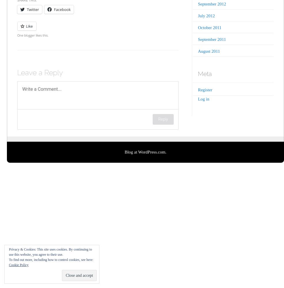 This screenshot has width=284, height=288. Describe the element at coordinates (211, 39) in the screenshot. I see `'September 2011'` at that location.